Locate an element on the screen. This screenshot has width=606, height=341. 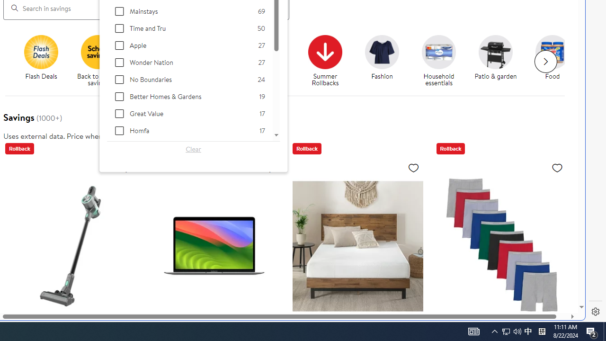
'Household essentials Household essentials' is located at coordinates (438, 61).